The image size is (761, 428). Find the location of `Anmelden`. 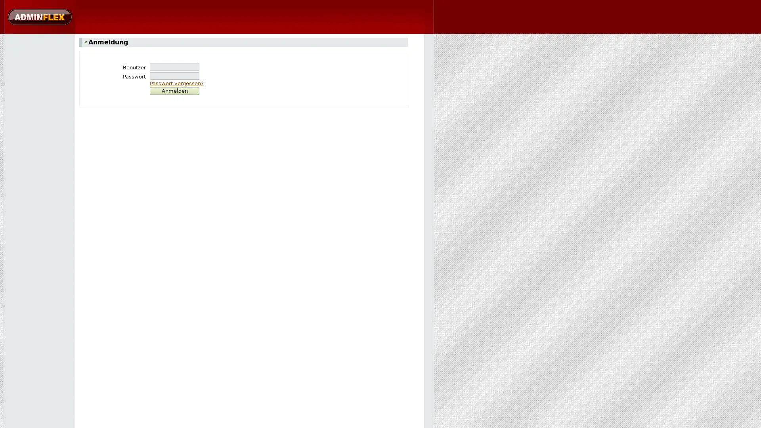

Anmelden is located at coordinates (174, 90).